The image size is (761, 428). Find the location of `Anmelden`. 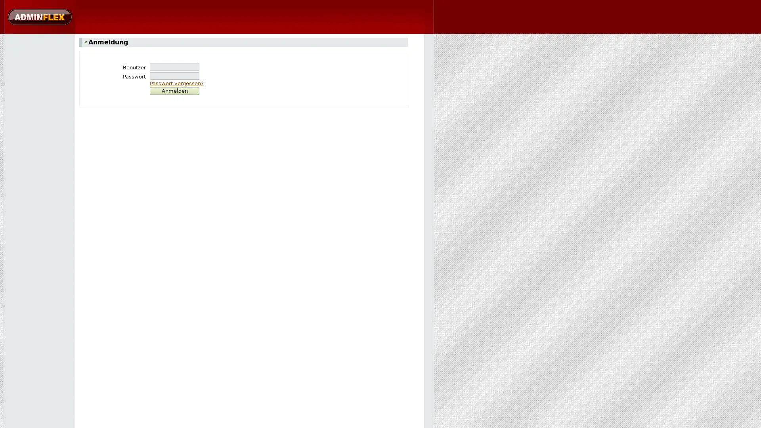

Anmelden is located at coordinates (174, 90).